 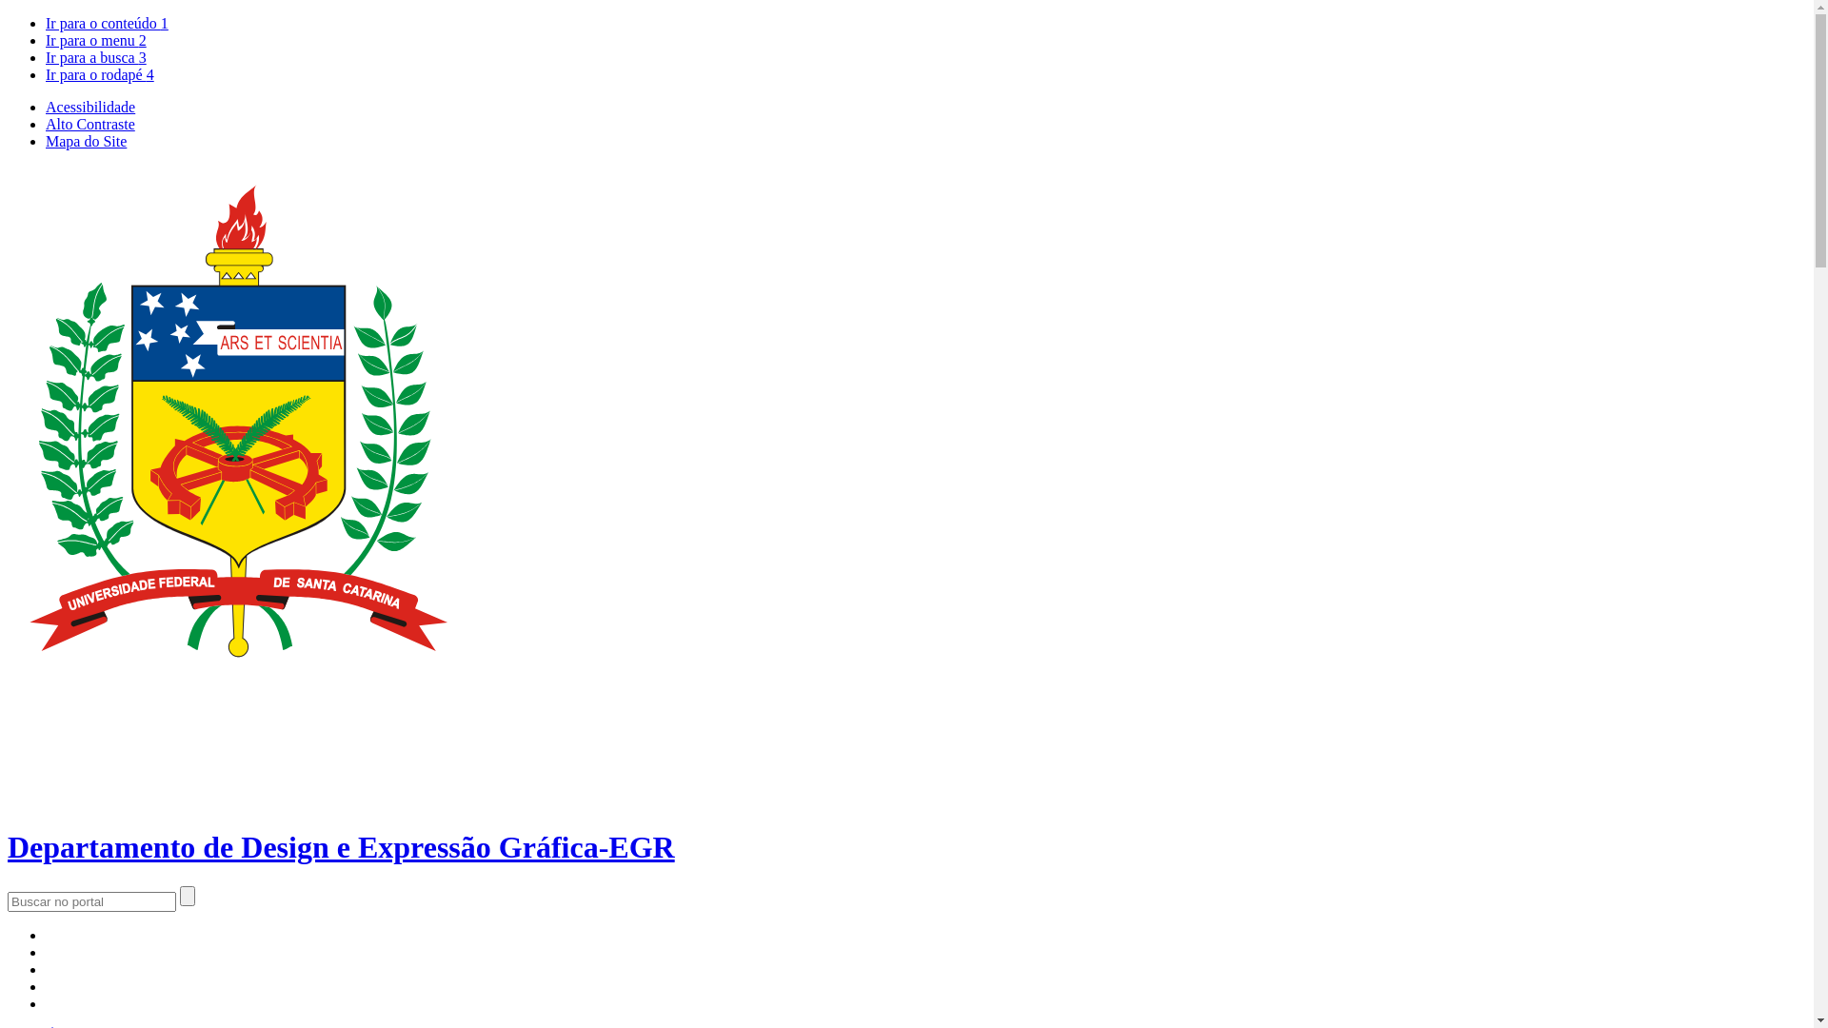 What do you see at coordinates (89, 107) in the screenshot?
I see `'Acessibilidade'` at bounding box center [89, 107].